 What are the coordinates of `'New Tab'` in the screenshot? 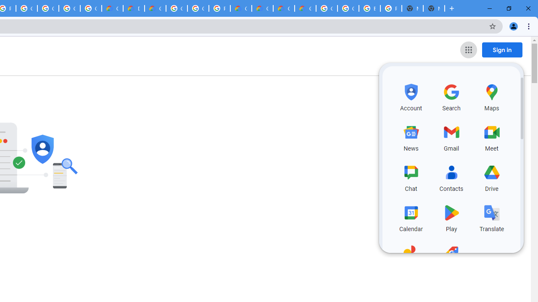 It's located at (434, 8).